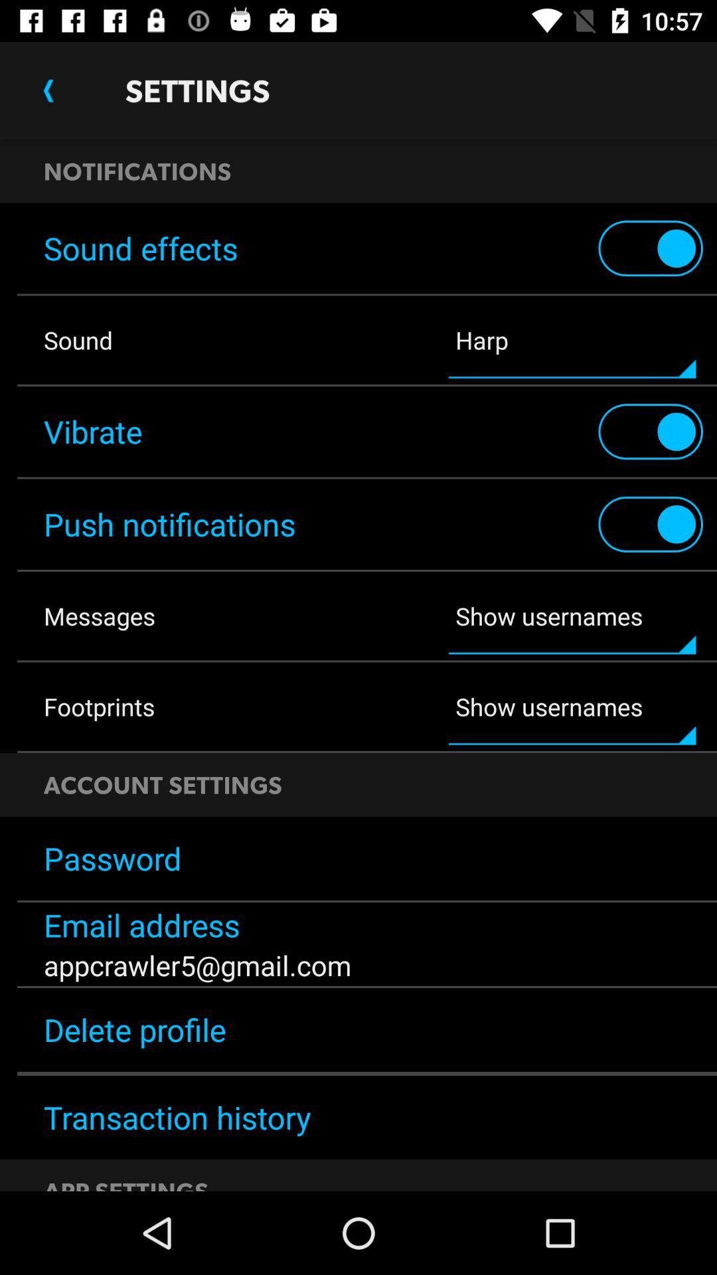 Image resolution: width=717 pixels, height=1275 pixels. Describe the element at coordinates (358, 1029) in the screenshot. I see `delete profile icon` at that location.